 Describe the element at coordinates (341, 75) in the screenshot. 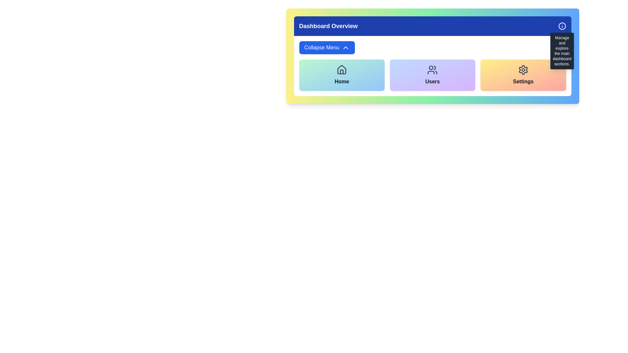

I see `the 'Home' button with a green to blue gradient background, which includes a house icon and bold dark gray text` at that location.